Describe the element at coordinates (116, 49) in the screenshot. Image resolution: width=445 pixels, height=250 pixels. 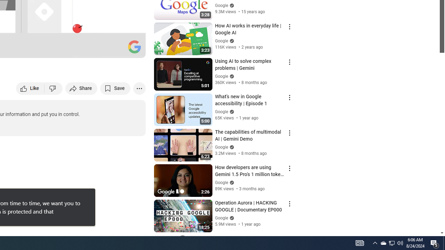
I see `'Theater mode (t)'` at that location.